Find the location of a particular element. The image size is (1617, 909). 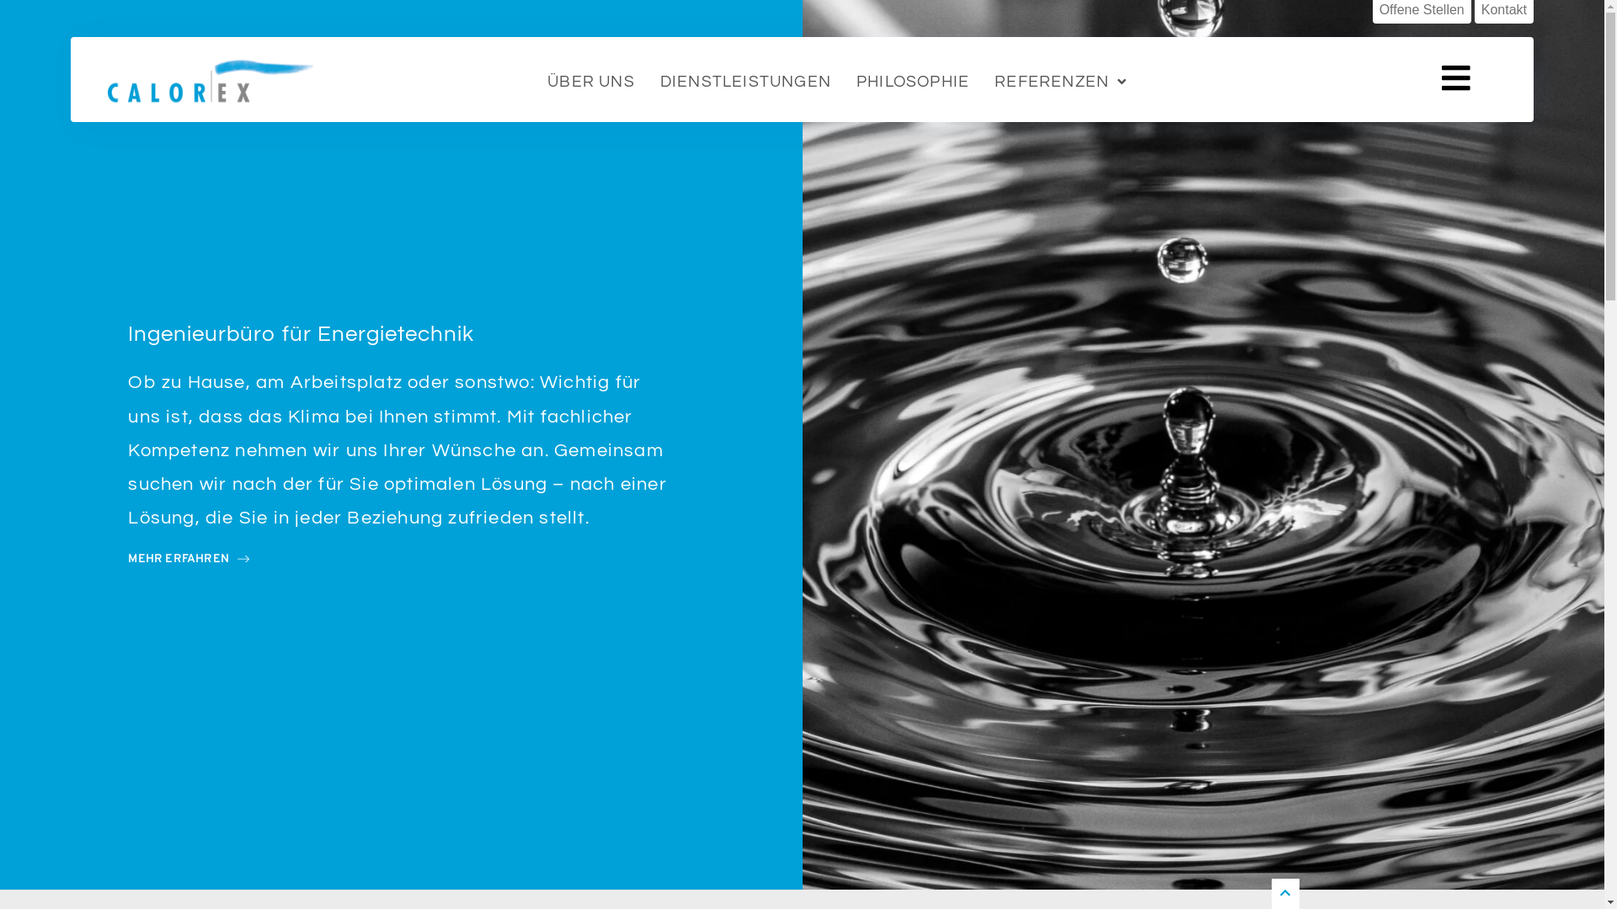

'ARROW-ICON-SIZE3 is located at coordinates (189, 559).